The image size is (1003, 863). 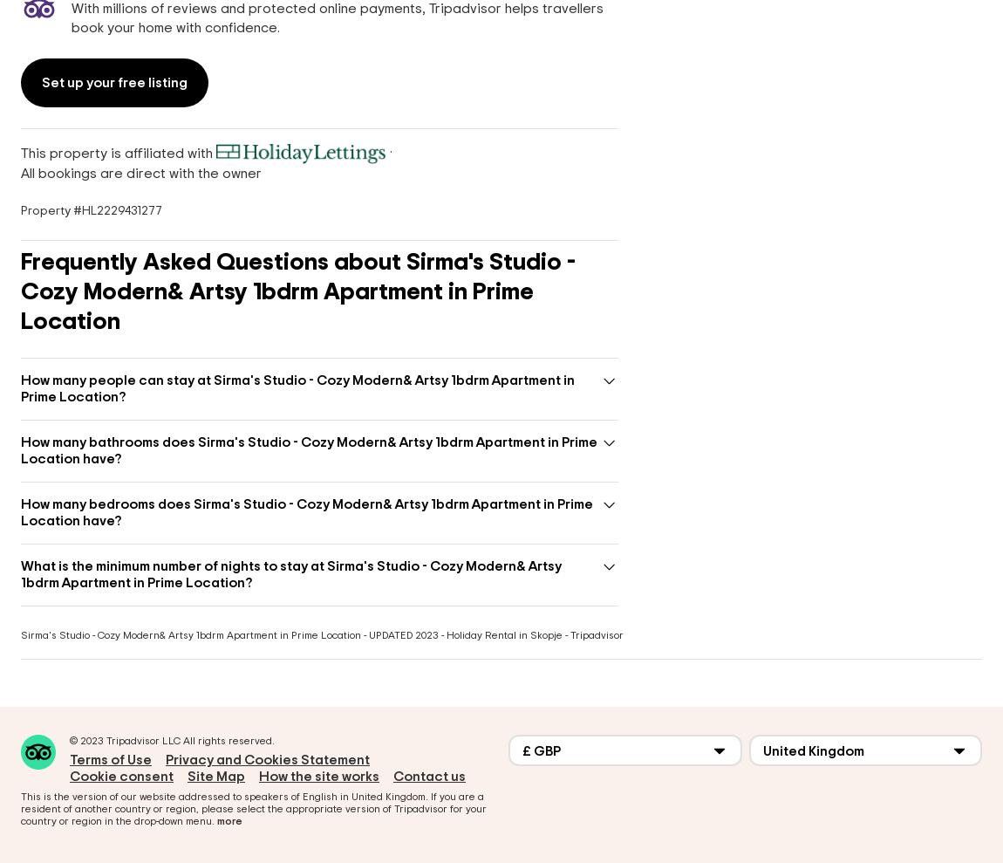 What do you see at coordinates (91, 740) in the screenshot?
I see `'2023'` at bounding box center [91, 740].